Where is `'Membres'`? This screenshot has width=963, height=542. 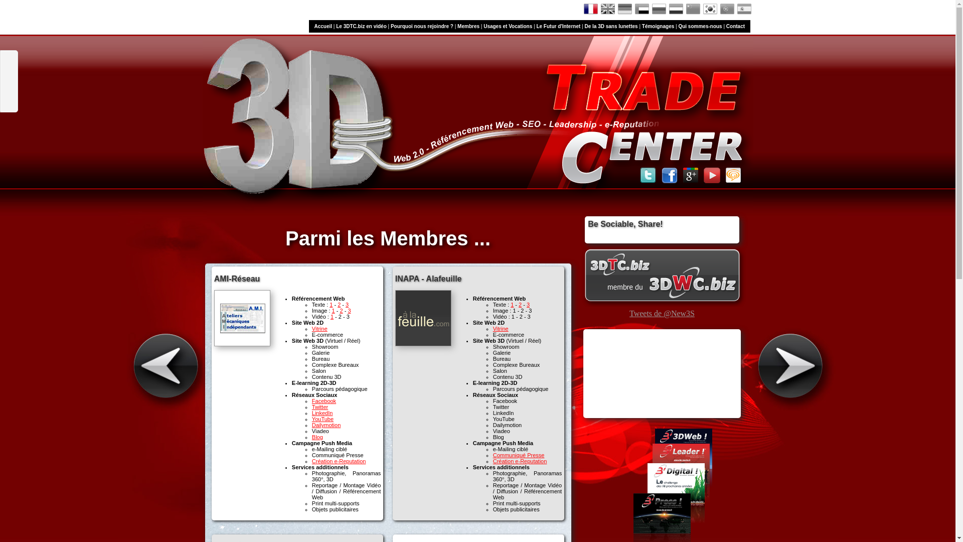 'Membres' is located at coordinates (468, 26).